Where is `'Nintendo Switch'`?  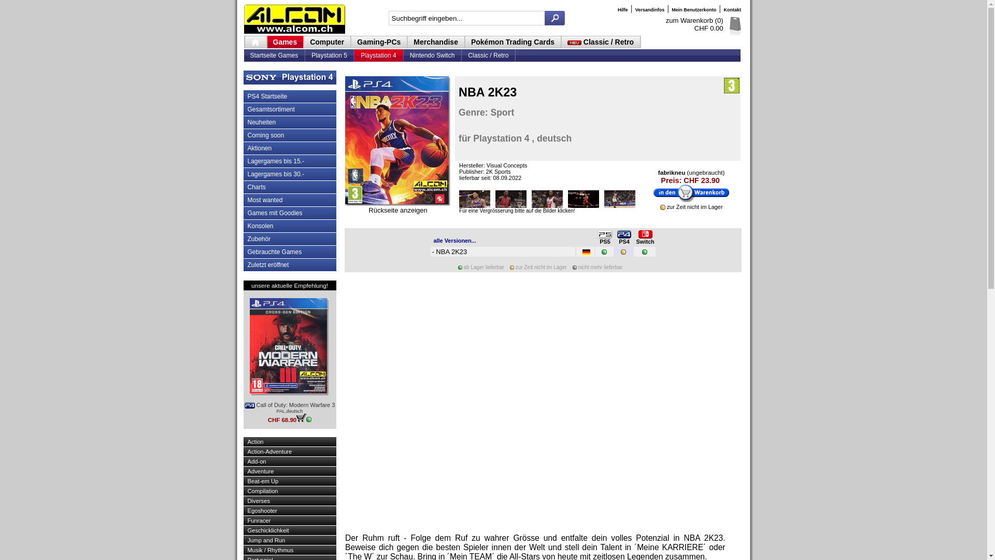 'Nintendo Switch' is located at coordinates (403, 55).